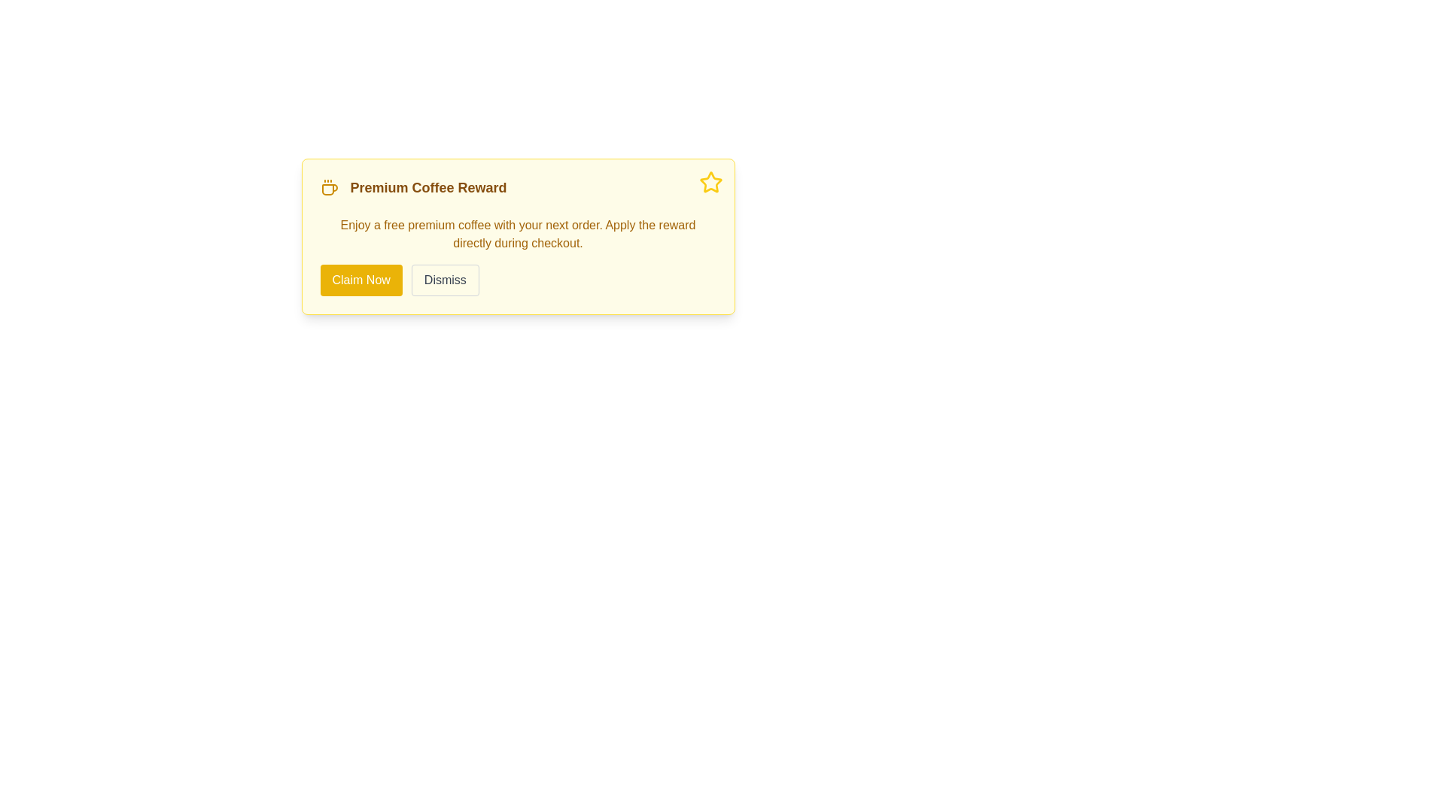 Image resolution: width=1445 pixels, height=812 pixels. What do you see at coordinates (328, 187) in the screenshot?
I see `the coffee cup icon located at the leftmost position of the 'Premium Coffee Reward' section, which is colored warm yellow with orange tint and has steam lines above it` at bounding box center [328, 187].